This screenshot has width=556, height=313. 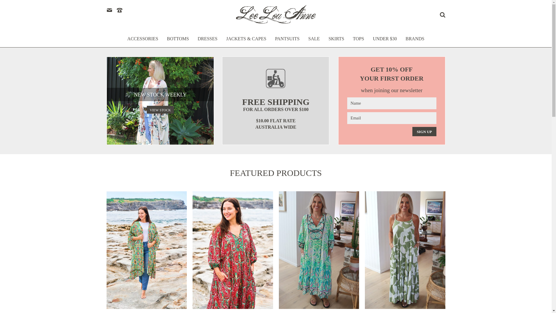 I want to click on 'DRESSES', so click(x=207, y=41).